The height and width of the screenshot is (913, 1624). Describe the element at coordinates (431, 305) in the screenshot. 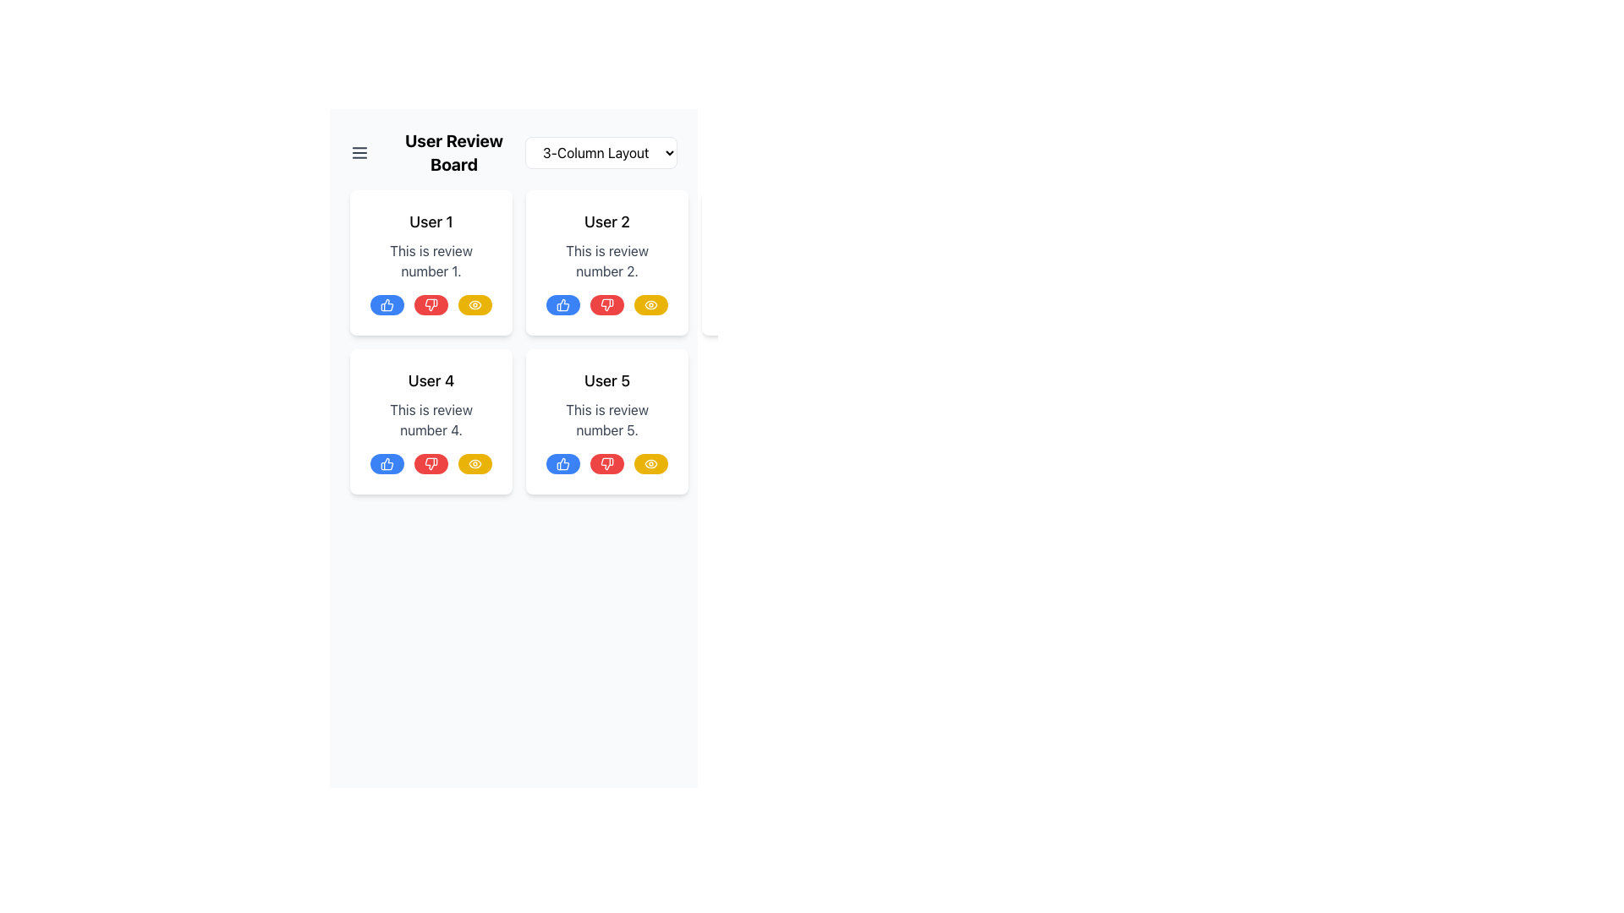

I see `the rounded rectangular button with a vibrant red background and a thumbs-down icon located in the second column under 'User 1's' review section` at that location.